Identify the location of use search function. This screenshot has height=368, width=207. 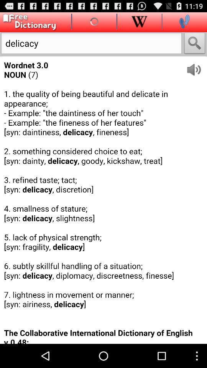
(195, 44).